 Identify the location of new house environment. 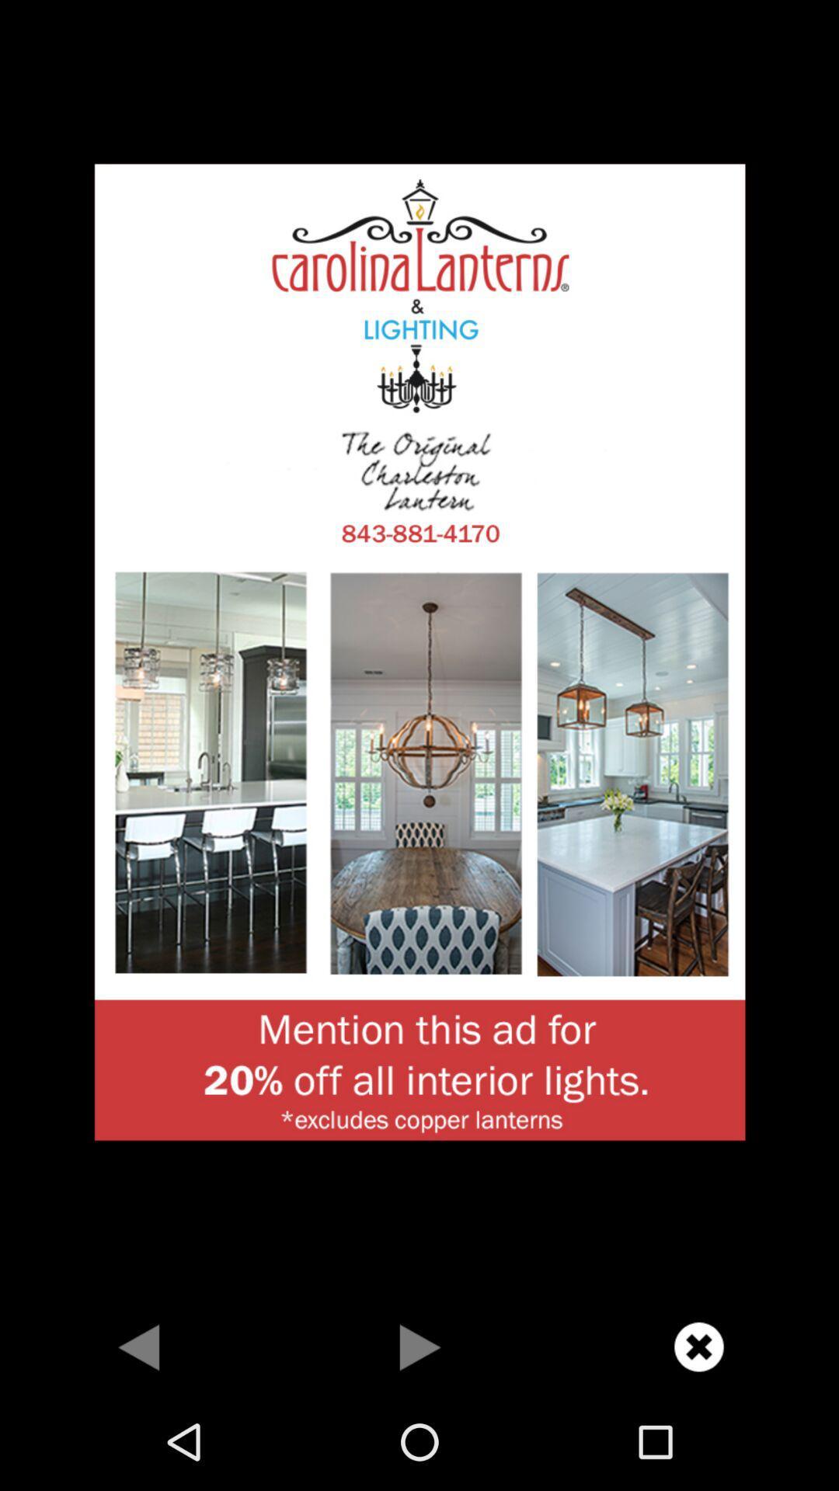
(419, 650).